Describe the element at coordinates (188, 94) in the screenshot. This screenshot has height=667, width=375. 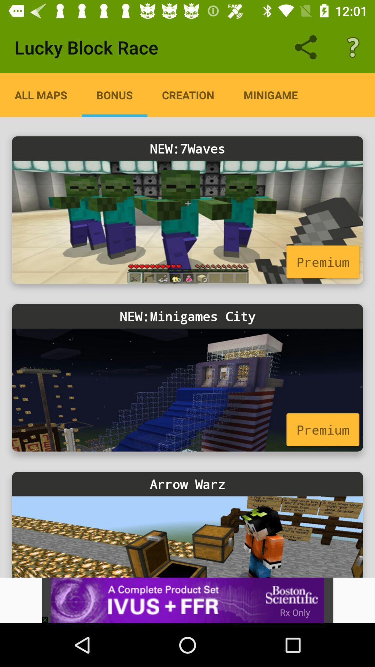
I see `item above the new:7waves item` at that location.